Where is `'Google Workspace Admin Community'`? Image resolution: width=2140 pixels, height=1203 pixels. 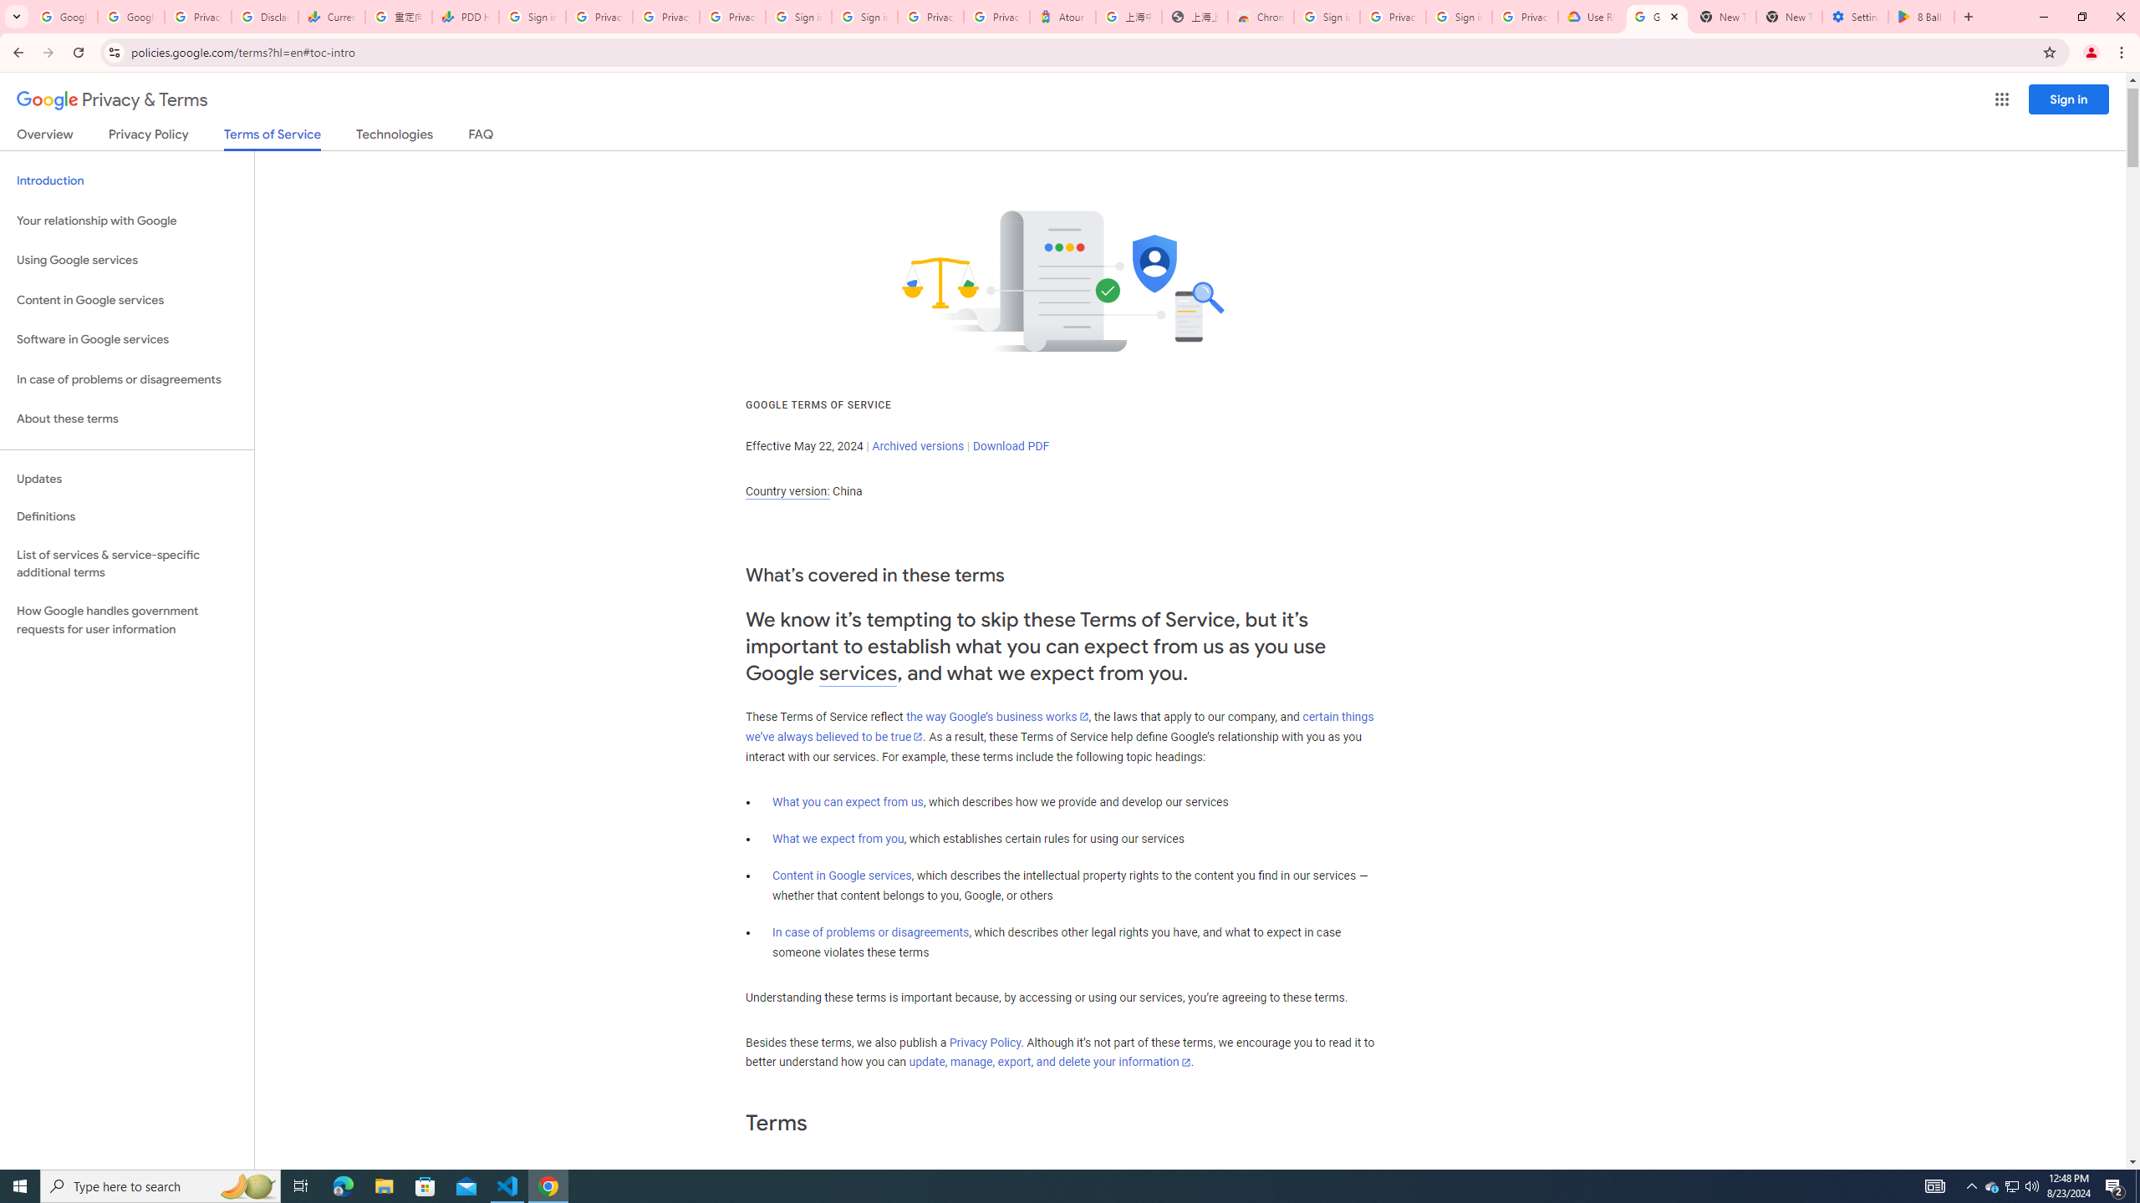
'Google Workspace Admin Community' is located at coordinates (64, 16).